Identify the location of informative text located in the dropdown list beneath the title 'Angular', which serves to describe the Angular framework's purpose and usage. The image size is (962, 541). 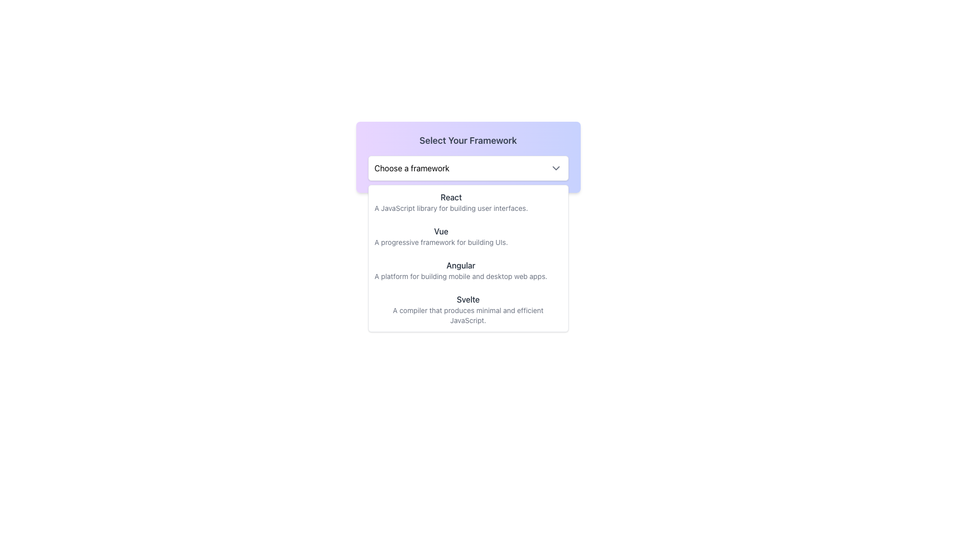
(460, 276).